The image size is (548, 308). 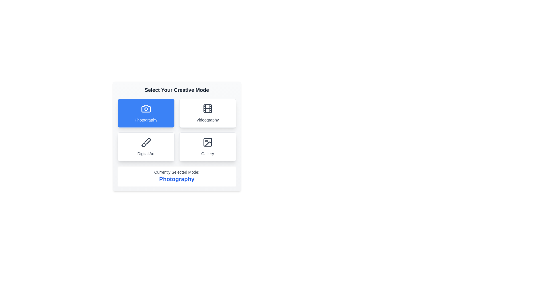 I want to click on the Digital Art button to observe hover effects, so click(x=146, y=147).